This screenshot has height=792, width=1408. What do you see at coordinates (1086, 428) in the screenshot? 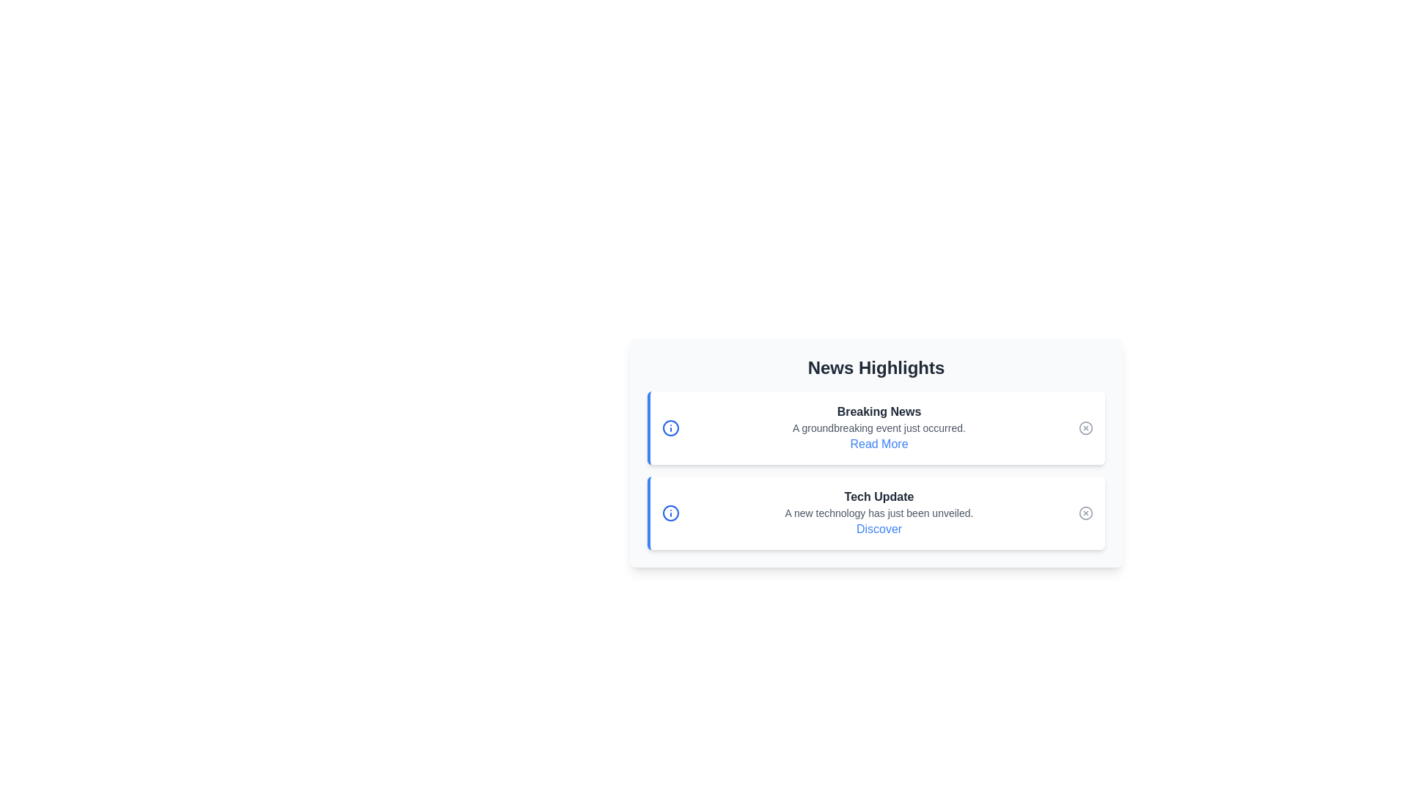
I see `close button for the news highlight titled Breaking News` at bounding box center [1086, 428].